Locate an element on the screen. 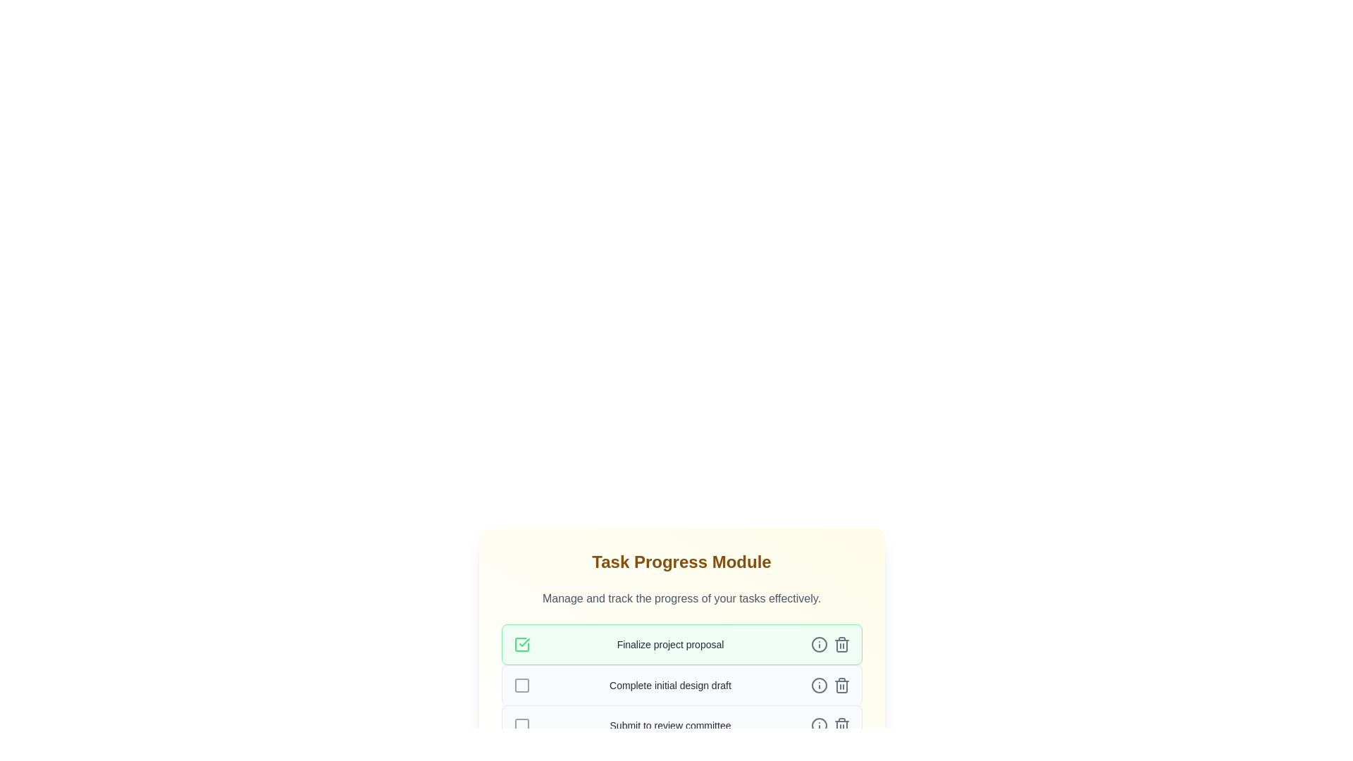  the green checkbox icon with a checkmark indicating a completed task for the 'Finalize project proposal' task in the Task Progress Module is located at coordinates (521, 644).